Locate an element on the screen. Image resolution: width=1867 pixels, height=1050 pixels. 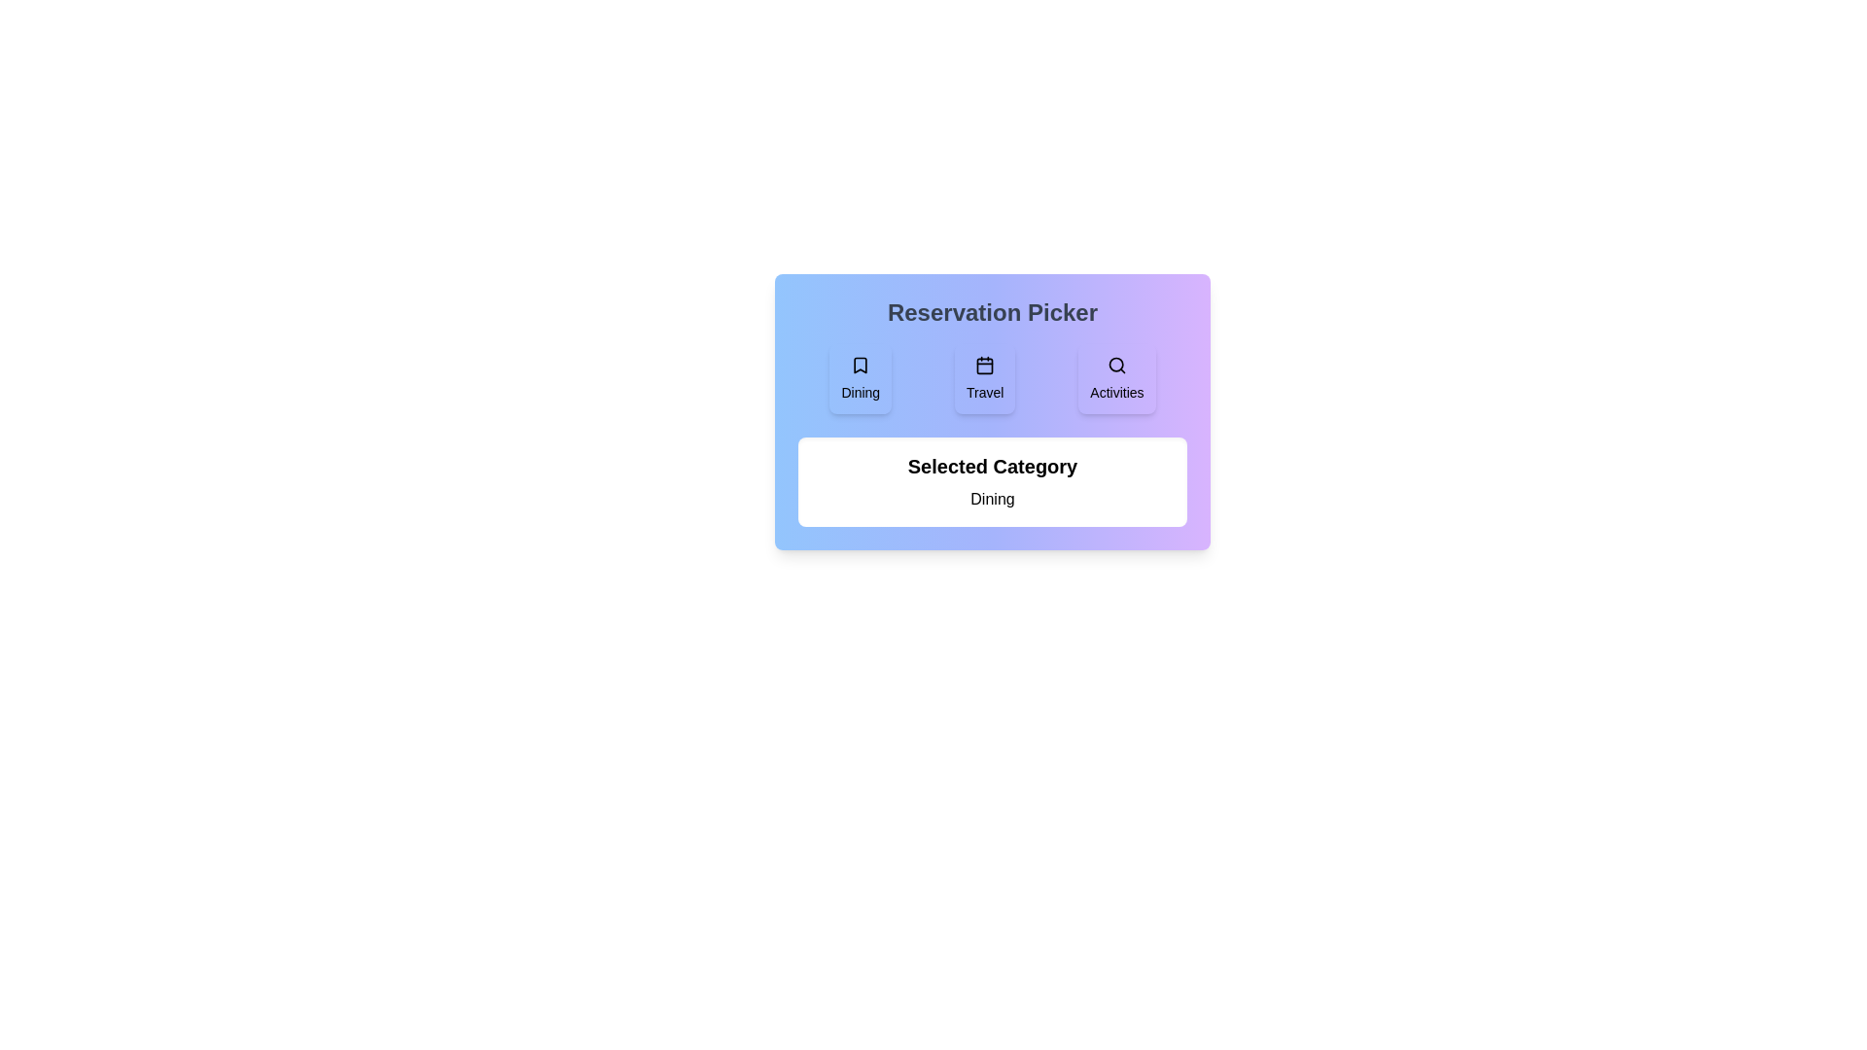
the category Travel to highlight it is located at coordinates (985, 378).